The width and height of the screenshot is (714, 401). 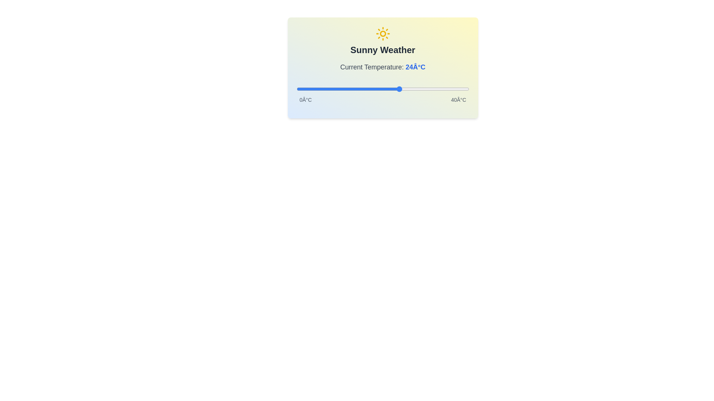 I want to click on the temperature slider, so click(x=356, y=88).